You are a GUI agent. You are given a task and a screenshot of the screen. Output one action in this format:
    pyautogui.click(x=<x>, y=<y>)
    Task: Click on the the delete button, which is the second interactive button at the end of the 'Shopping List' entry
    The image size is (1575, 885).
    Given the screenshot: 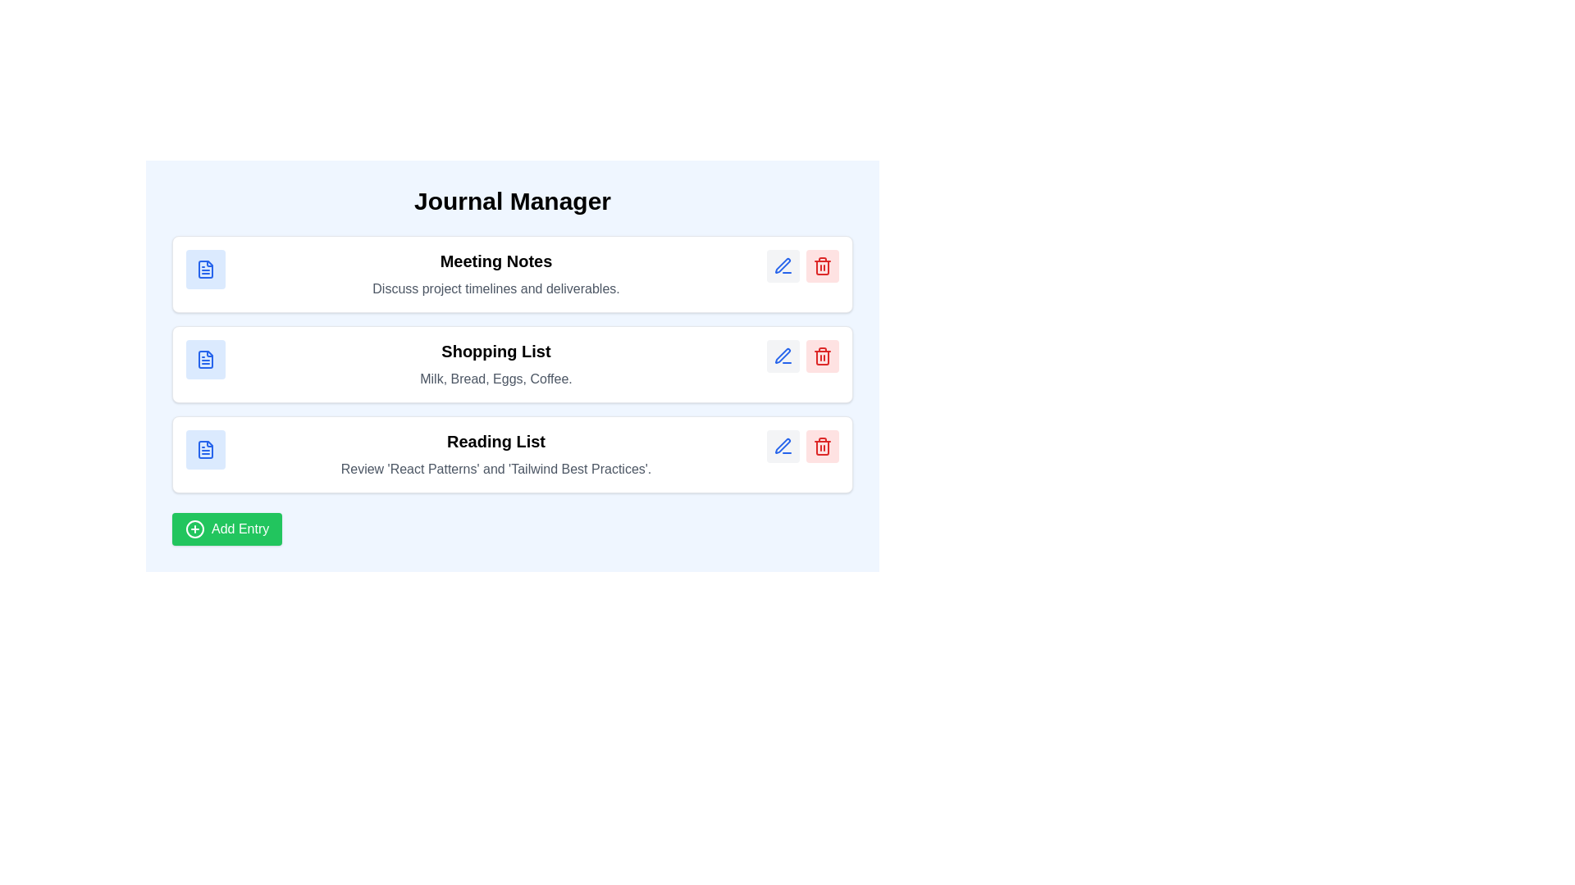 What is the action you would take?
    pyautogui.click(x=823, y=356)
    